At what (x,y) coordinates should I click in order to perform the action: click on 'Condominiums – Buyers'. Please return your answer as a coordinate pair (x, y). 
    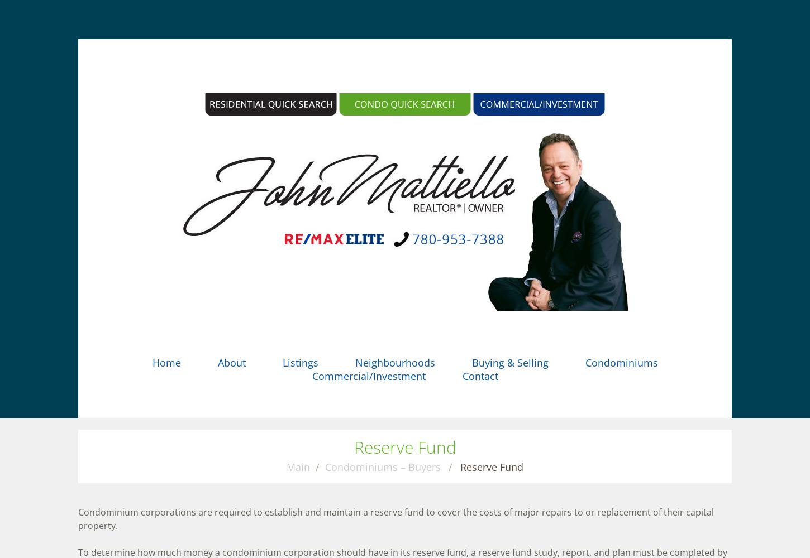
    Looking at the image, I should click on (382, 466).